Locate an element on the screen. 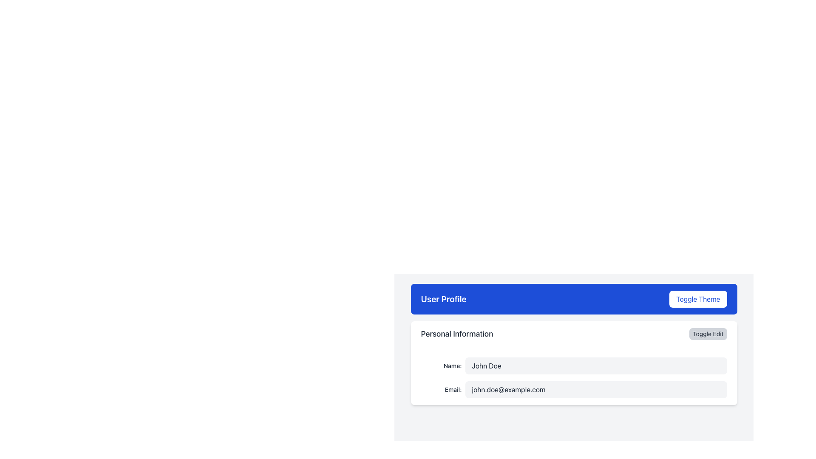 The width and height of the screenshot is (816, 459). the static text label indicating the user's name input field in the Personal Information section of the User Profile is located at coordinates (441, 365).